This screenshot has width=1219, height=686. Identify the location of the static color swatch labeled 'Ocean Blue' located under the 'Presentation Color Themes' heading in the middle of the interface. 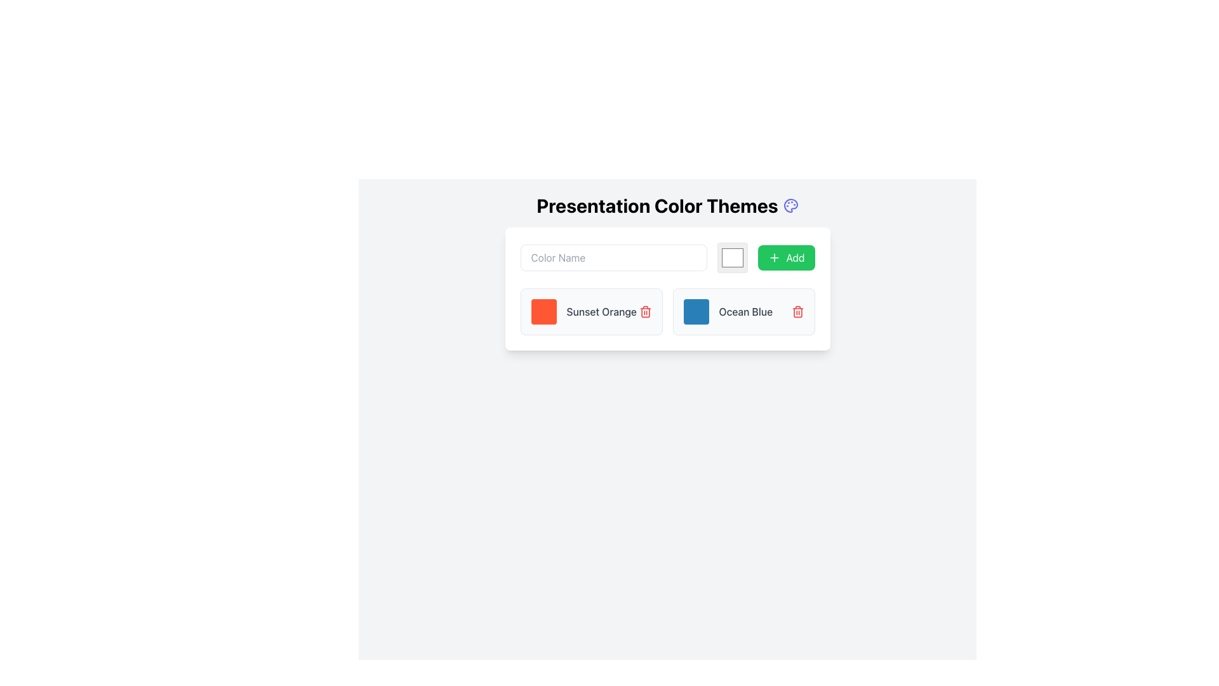
(728, 311).